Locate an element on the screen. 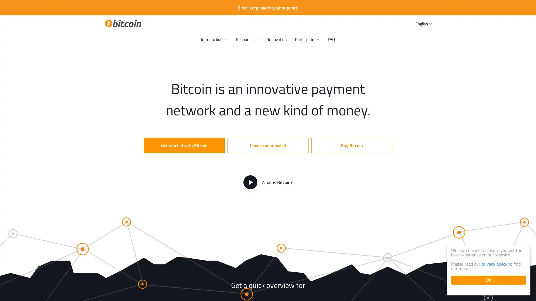  What is Bitcoin? is located at coordinates (268, 182).